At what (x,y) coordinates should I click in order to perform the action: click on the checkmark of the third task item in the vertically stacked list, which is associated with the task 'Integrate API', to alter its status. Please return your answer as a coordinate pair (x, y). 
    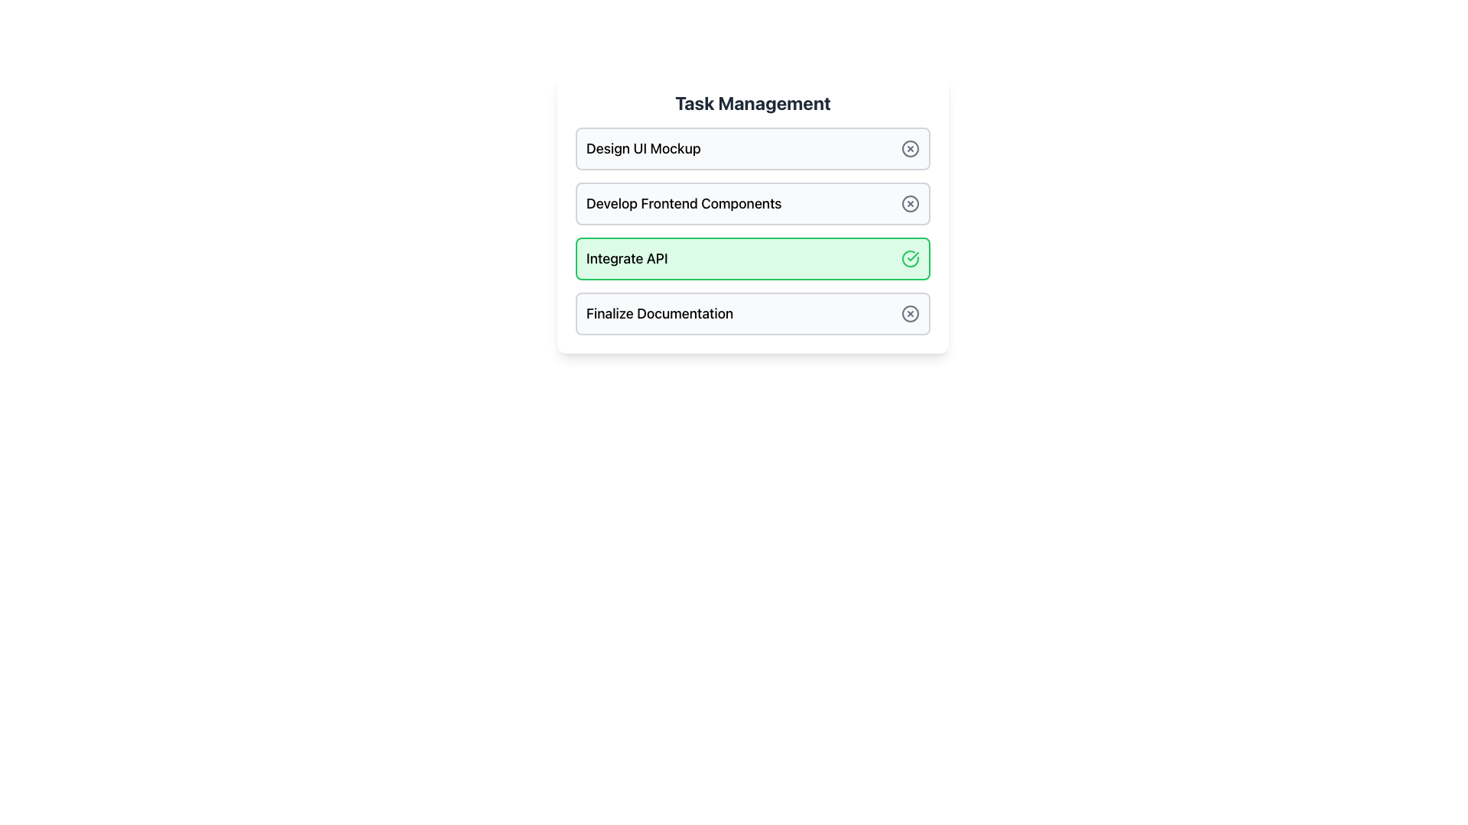
    Looking at the image, I should click on (752, 231).